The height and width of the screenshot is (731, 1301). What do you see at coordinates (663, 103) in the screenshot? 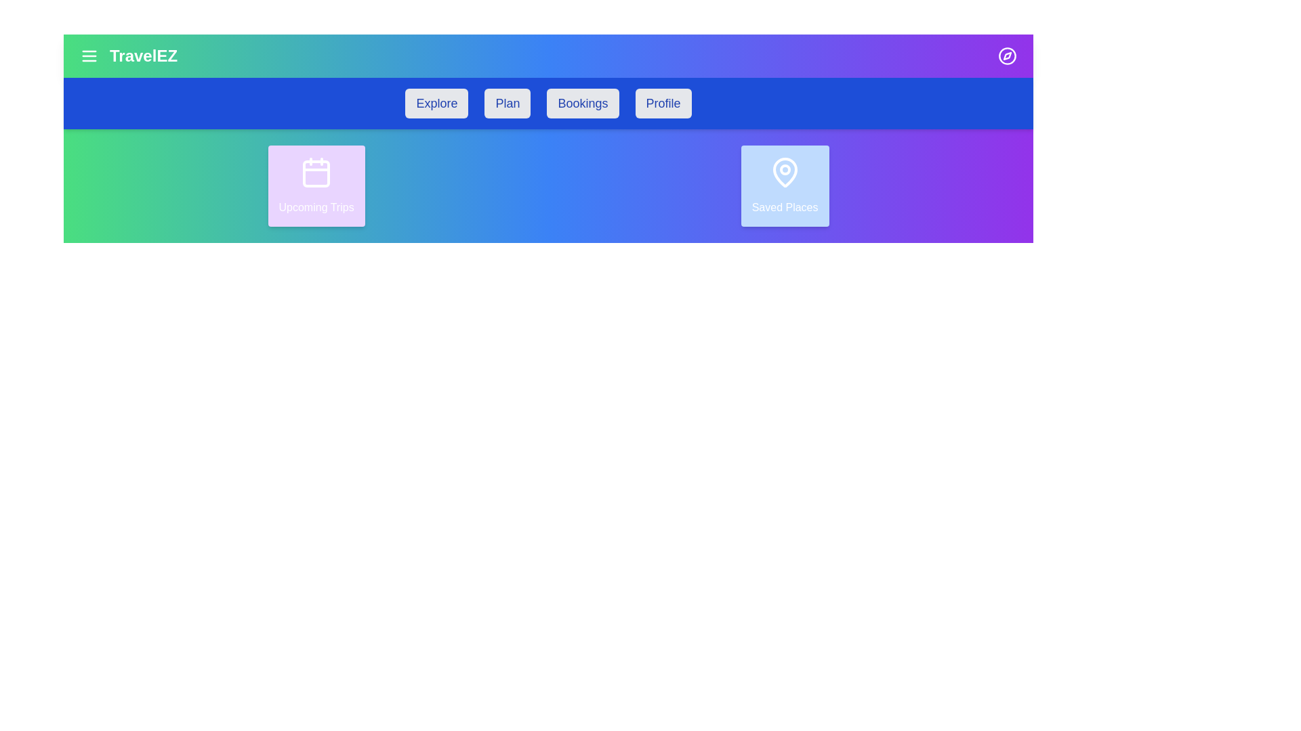
I see `the menu item labeled Profile to navigate to the corresponding section` at bounding box center [663, 103].